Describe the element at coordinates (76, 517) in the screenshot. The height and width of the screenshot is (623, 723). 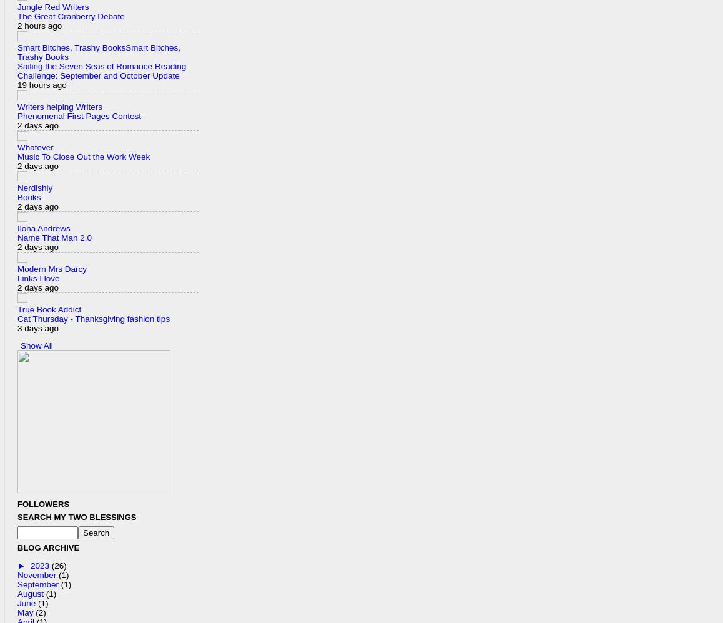
I see `'Search My Two Blessings'` at that location.